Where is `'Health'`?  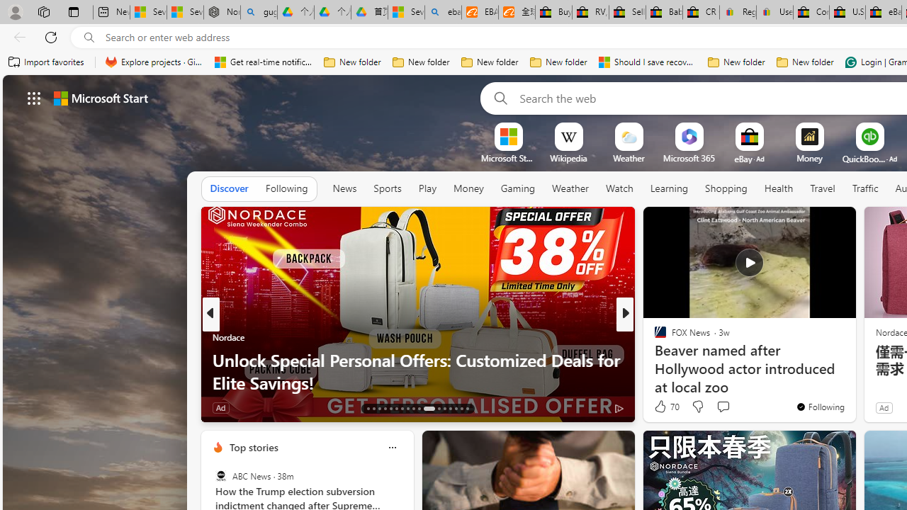 'Health' is located at coordinates (777, 188).